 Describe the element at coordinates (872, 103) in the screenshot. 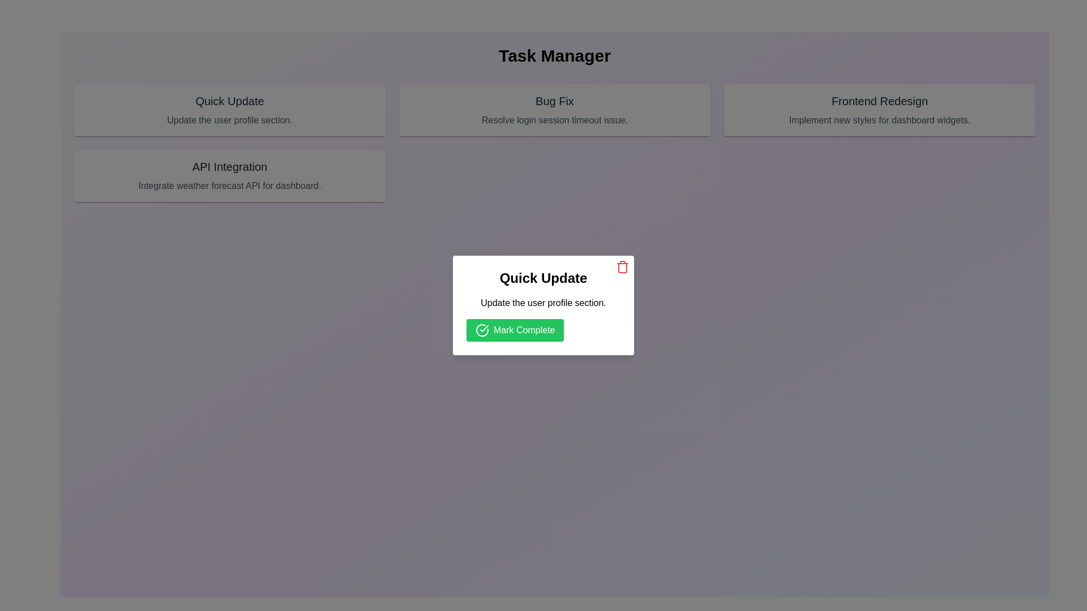

I see `the Informational Card labeled 'Frontend Redesign' which provides details about a project objective related to dashboard widget styling, located in the upper-right portion of the user interface` at that location.